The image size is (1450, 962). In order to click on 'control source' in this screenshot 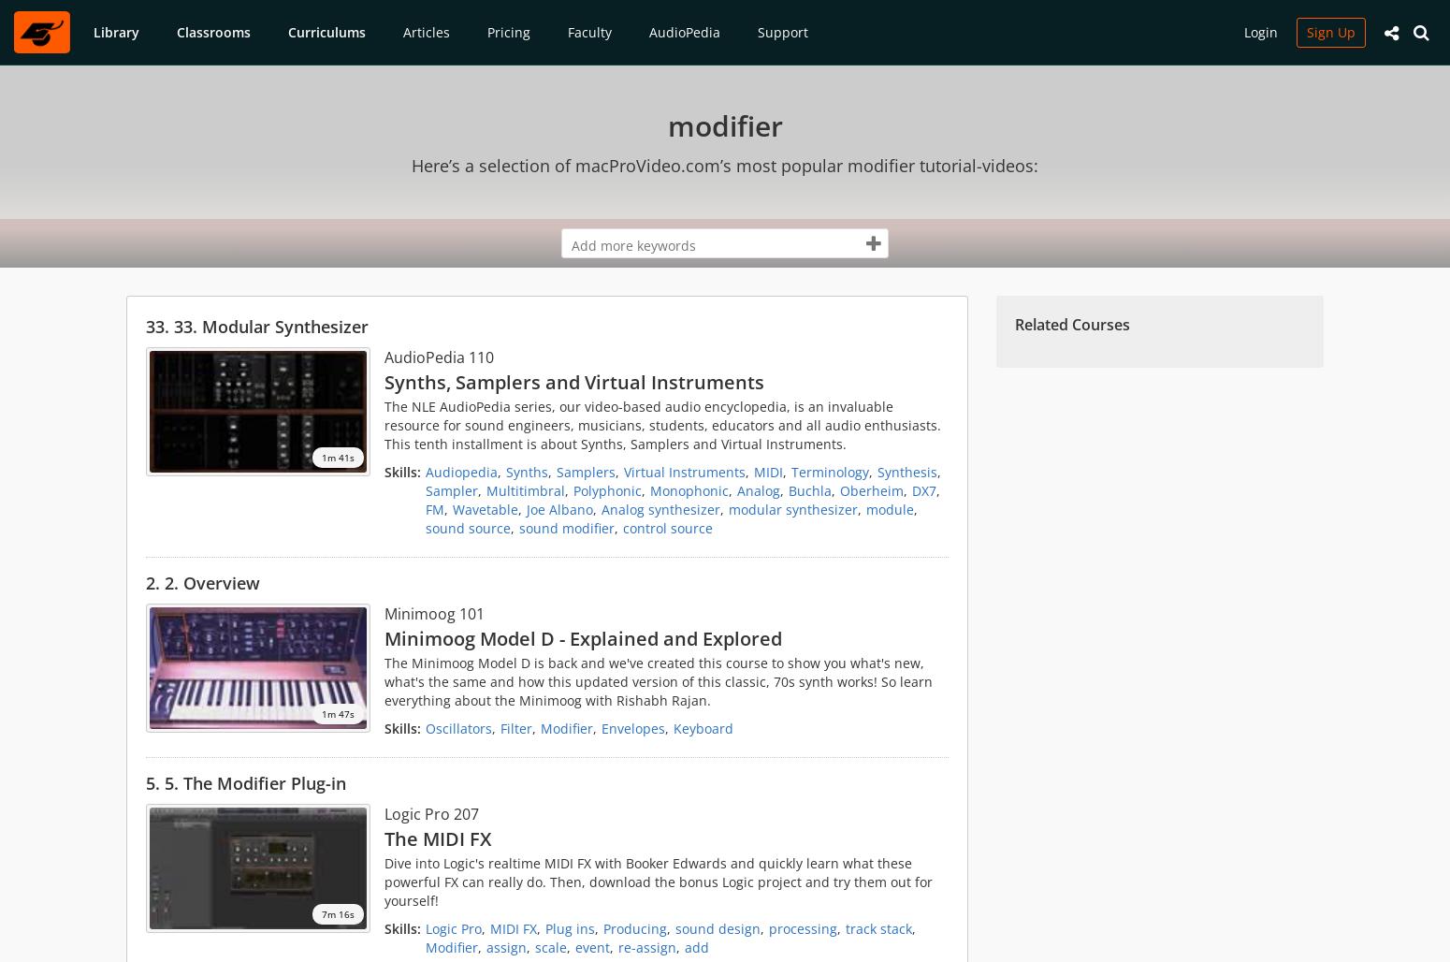, I will do `click(667, 528)`.